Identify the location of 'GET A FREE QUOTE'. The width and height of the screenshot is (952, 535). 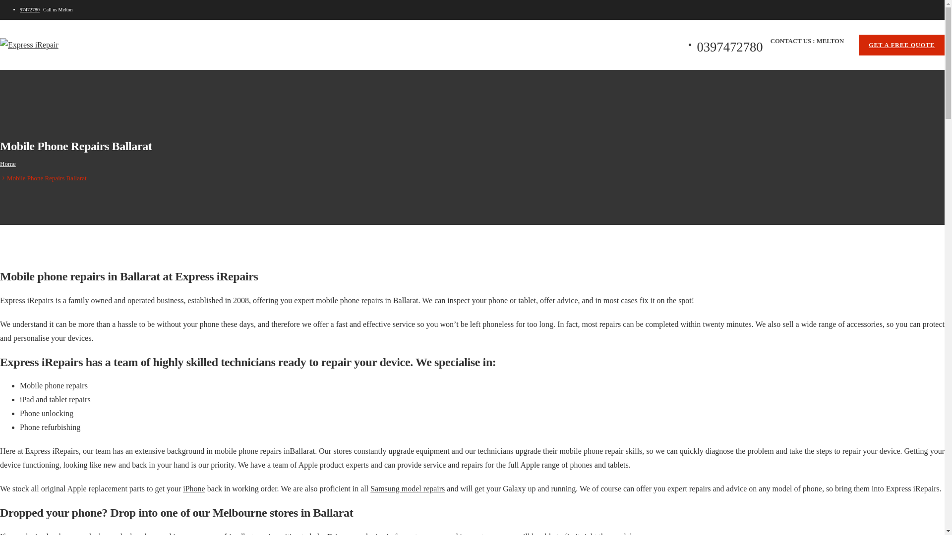
(901, 45).